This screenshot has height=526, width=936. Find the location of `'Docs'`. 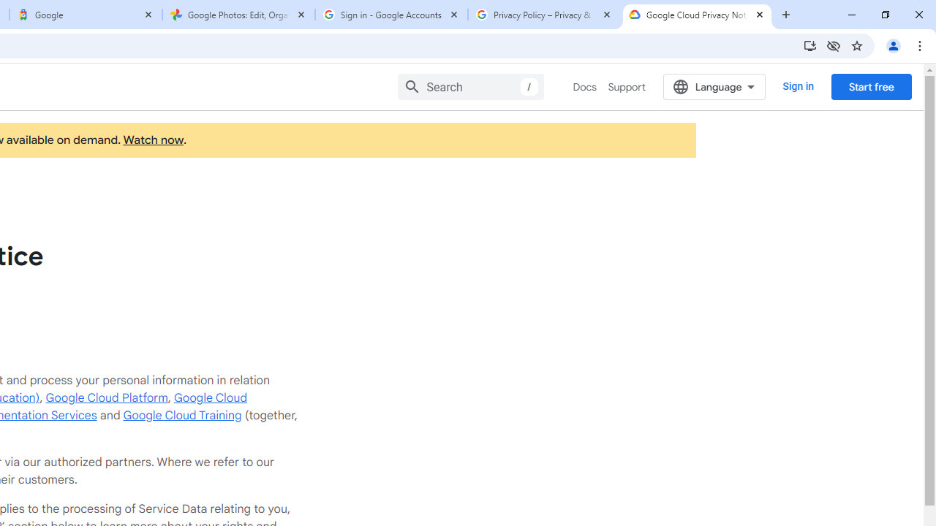

'Docs' is located at coordinates (585, 87).